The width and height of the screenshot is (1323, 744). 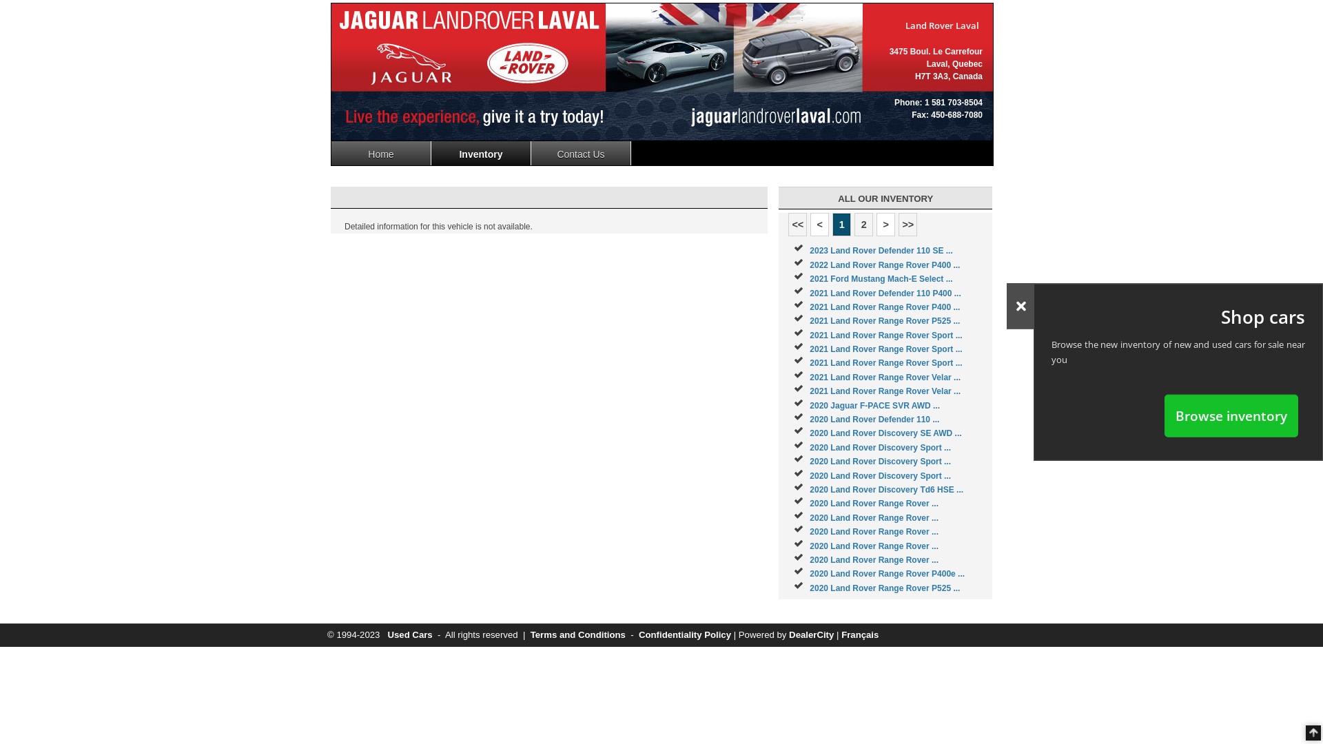 What do you see at coordinates (810, 518) in the screenshot?
I see `'2020 Land Rover Range Rover ...'` at bounding box center [810, 518].